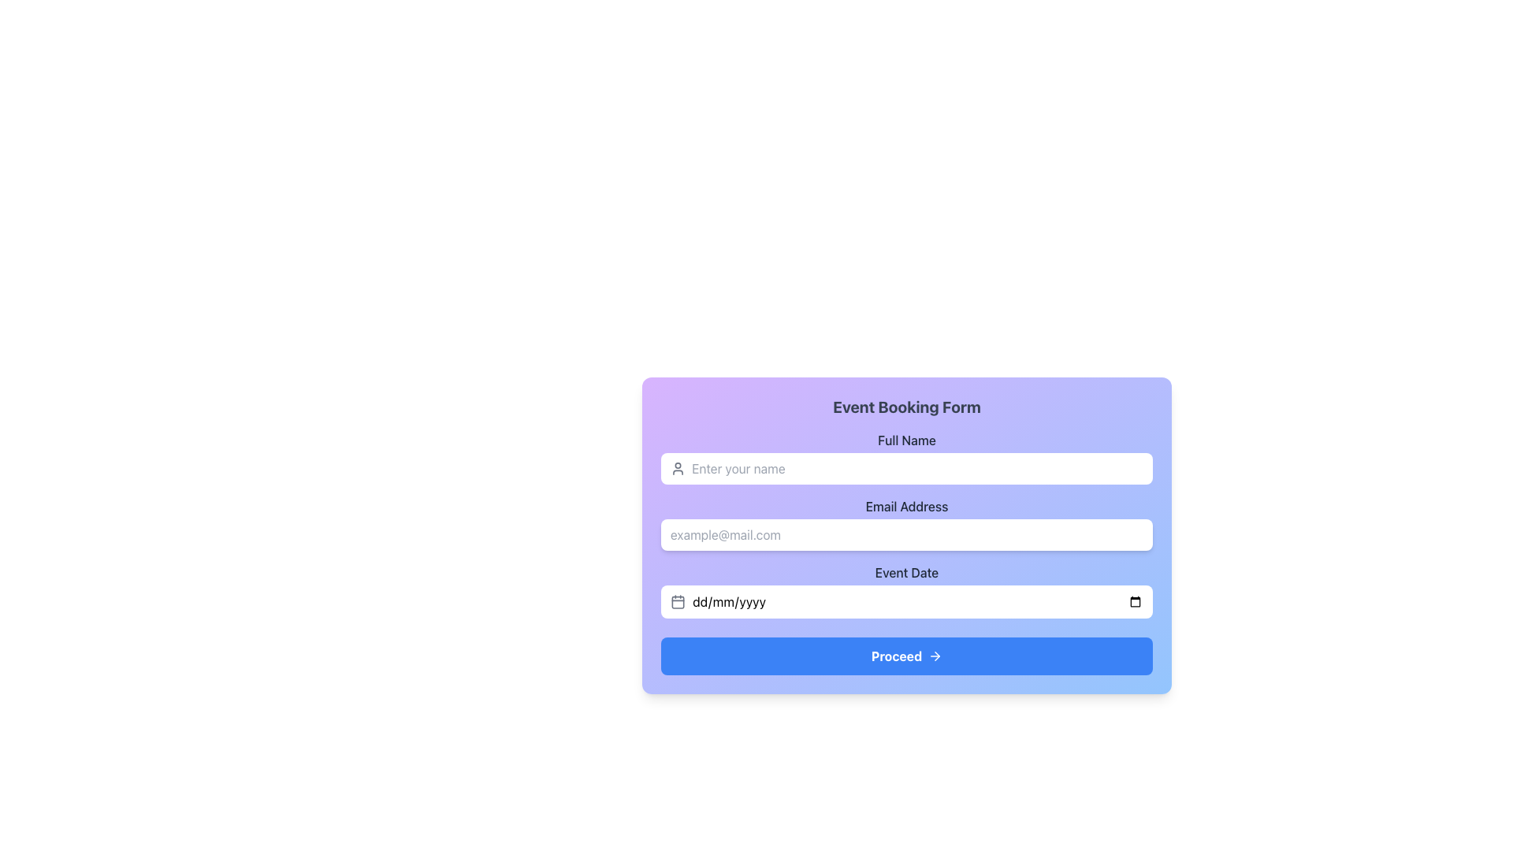 The width and height of the screenshot is (1513, 851). What do you see at coordinates (907, 590) in the screenshot?
I see `inside the Date Input Field` at bounding box center [907, 590].